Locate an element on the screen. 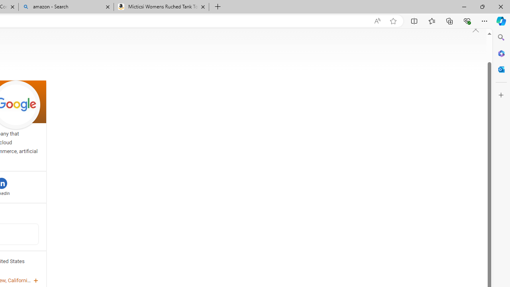 This screenshot has width=510, height=287. 'Copilot (Ctrl+Shift+.)' is located at coordinates (501, 20).